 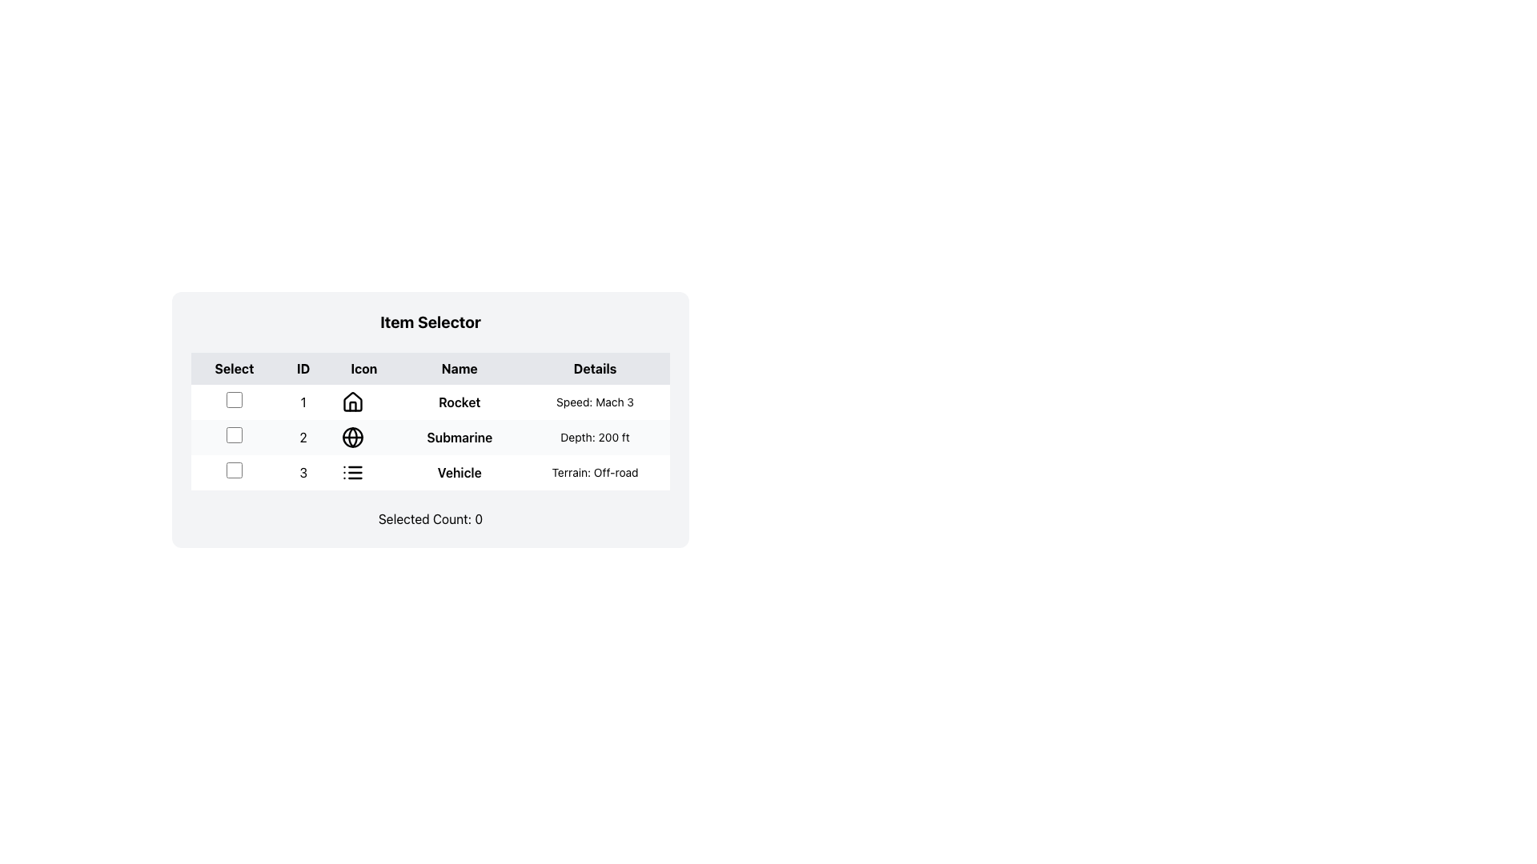 I want to click on the text label displaying '1' located in the first row of the table under the 'ID' column, which is positioned to the right of a checkbox, so click(x=303, y=401).